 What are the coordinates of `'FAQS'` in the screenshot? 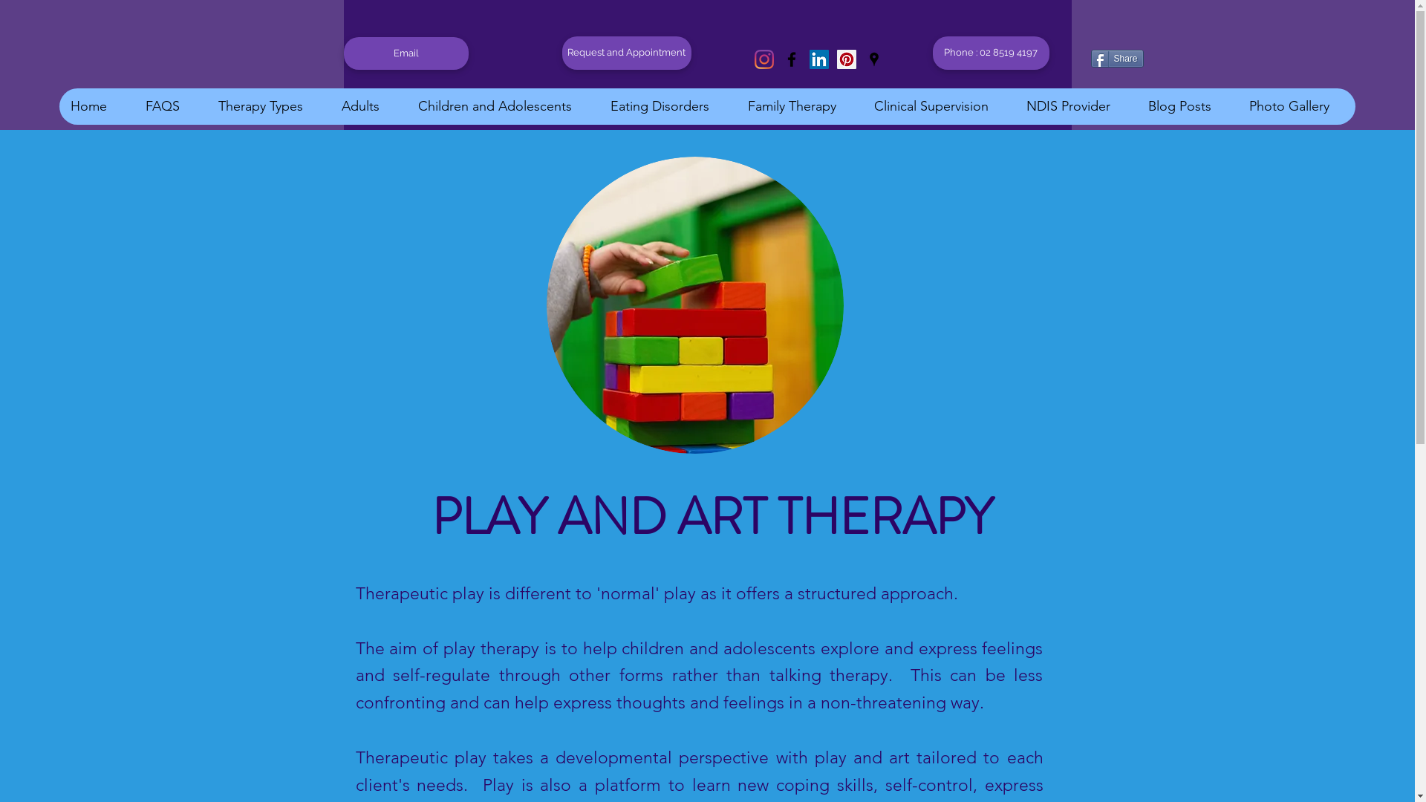 It's located at (134, 105).